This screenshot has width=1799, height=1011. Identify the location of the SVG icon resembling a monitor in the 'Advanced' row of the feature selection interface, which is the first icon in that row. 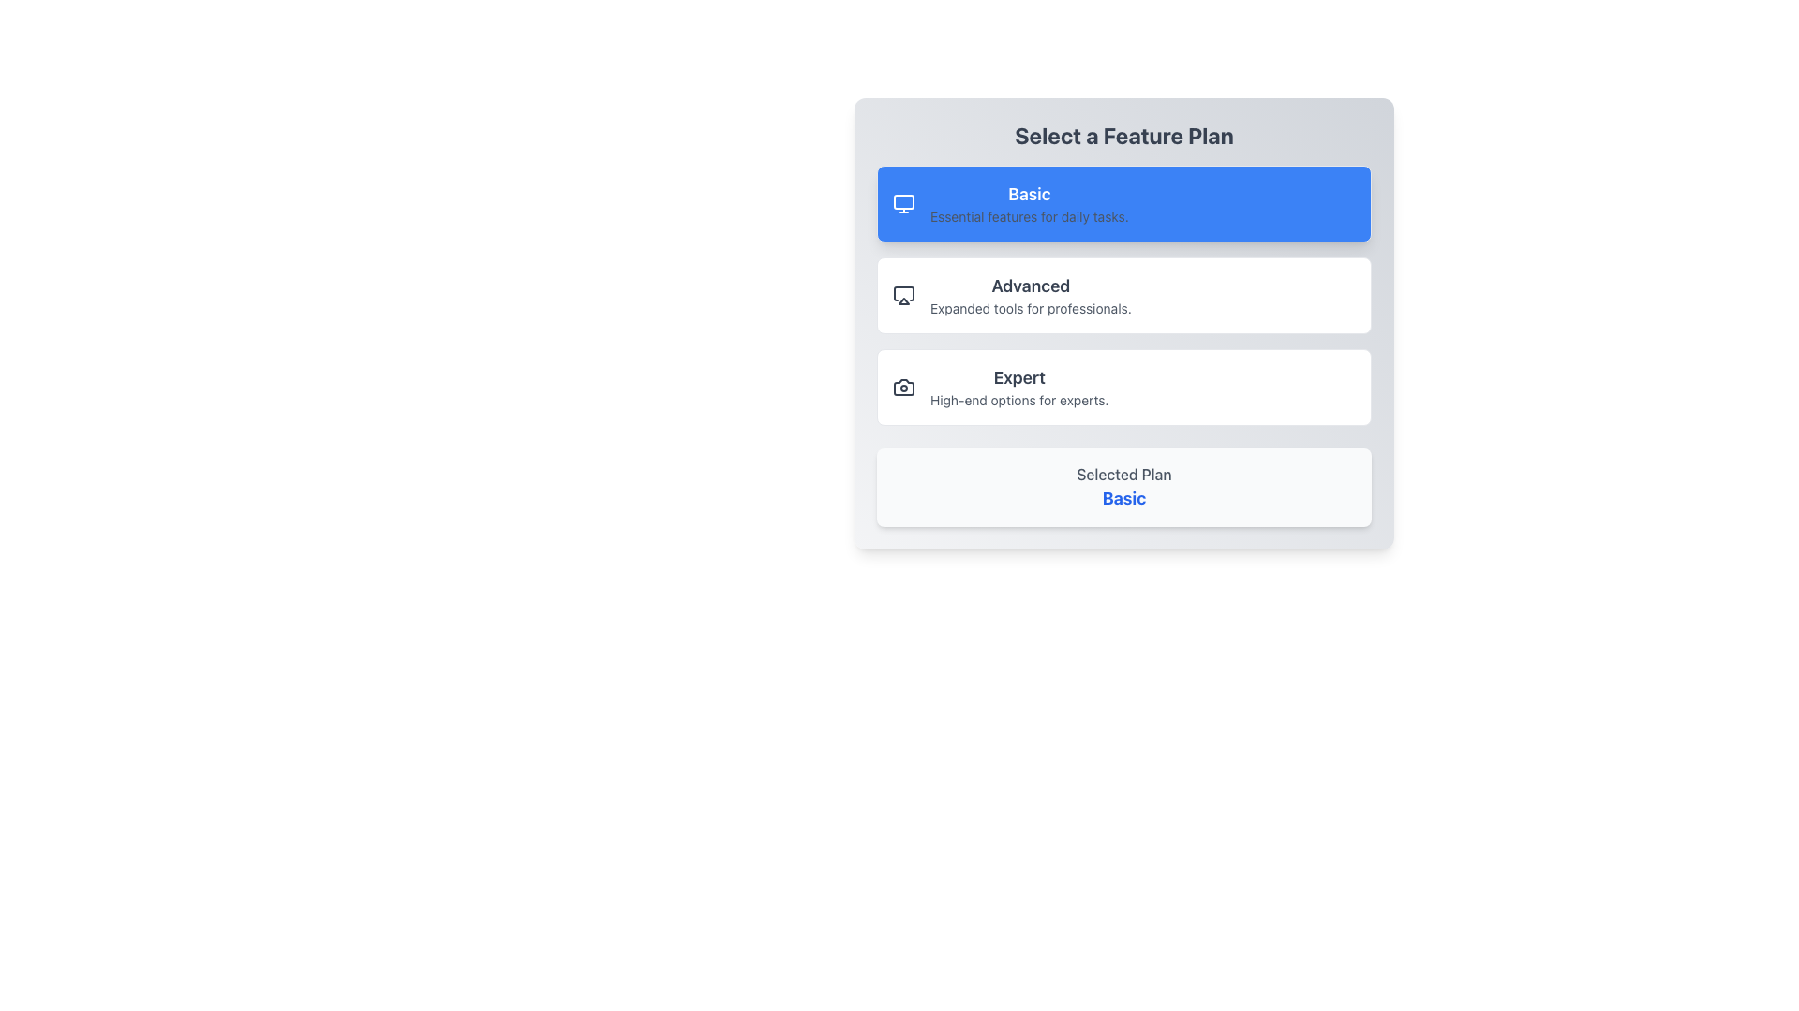
(903, 295).